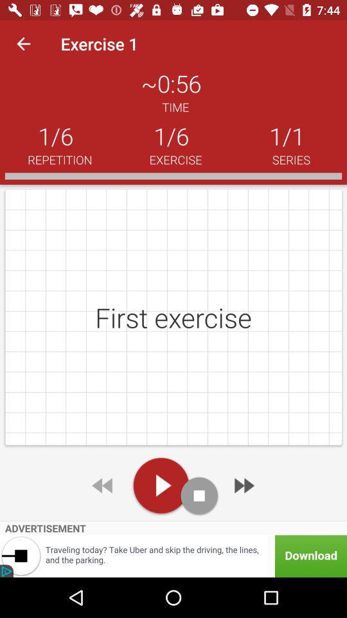 Image resolution: width=347 pixels, height=618 pixels. I want to click on click the play option, so click(161, 485).